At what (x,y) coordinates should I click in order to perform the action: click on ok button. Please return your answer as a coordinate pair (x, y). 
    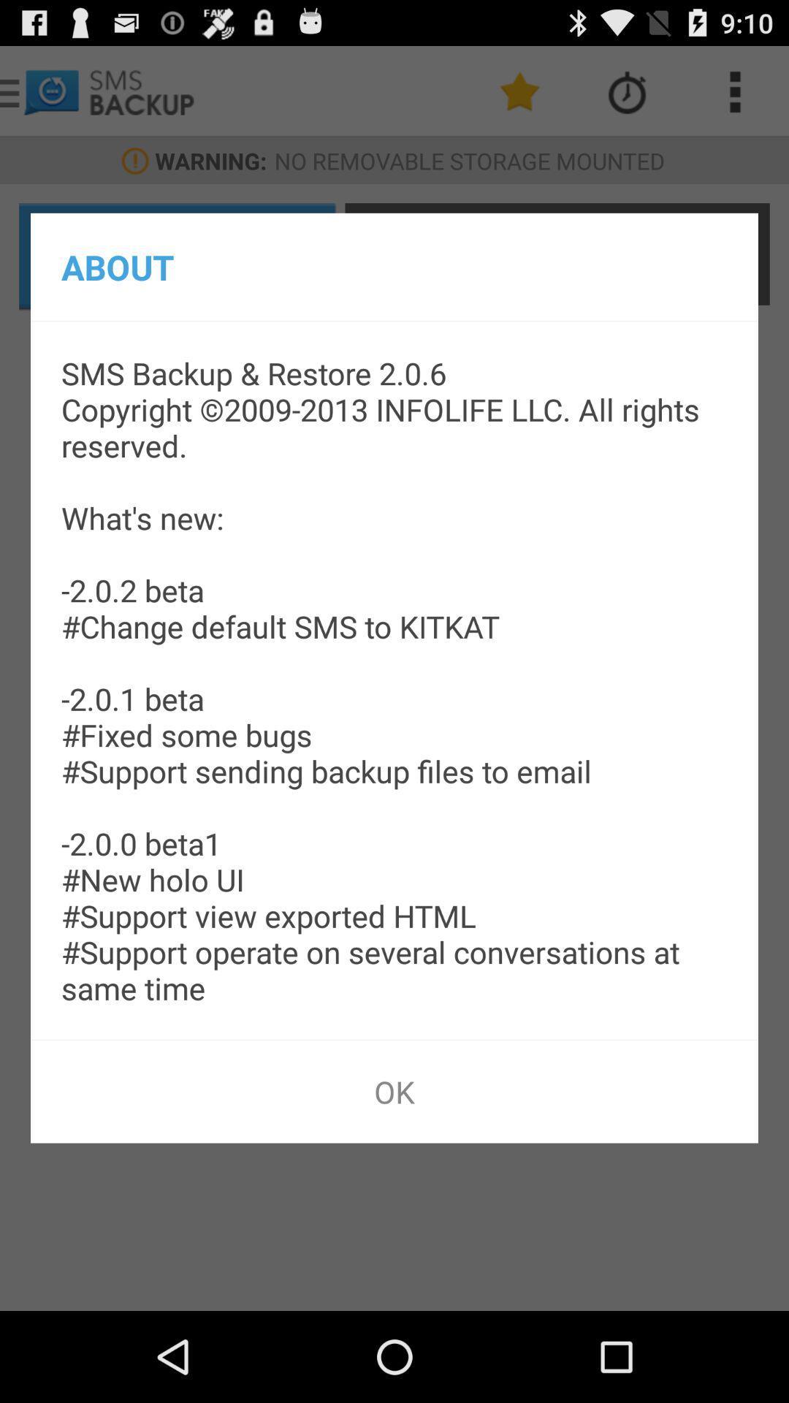
    Looking at the image, I should click on (394, 1091).